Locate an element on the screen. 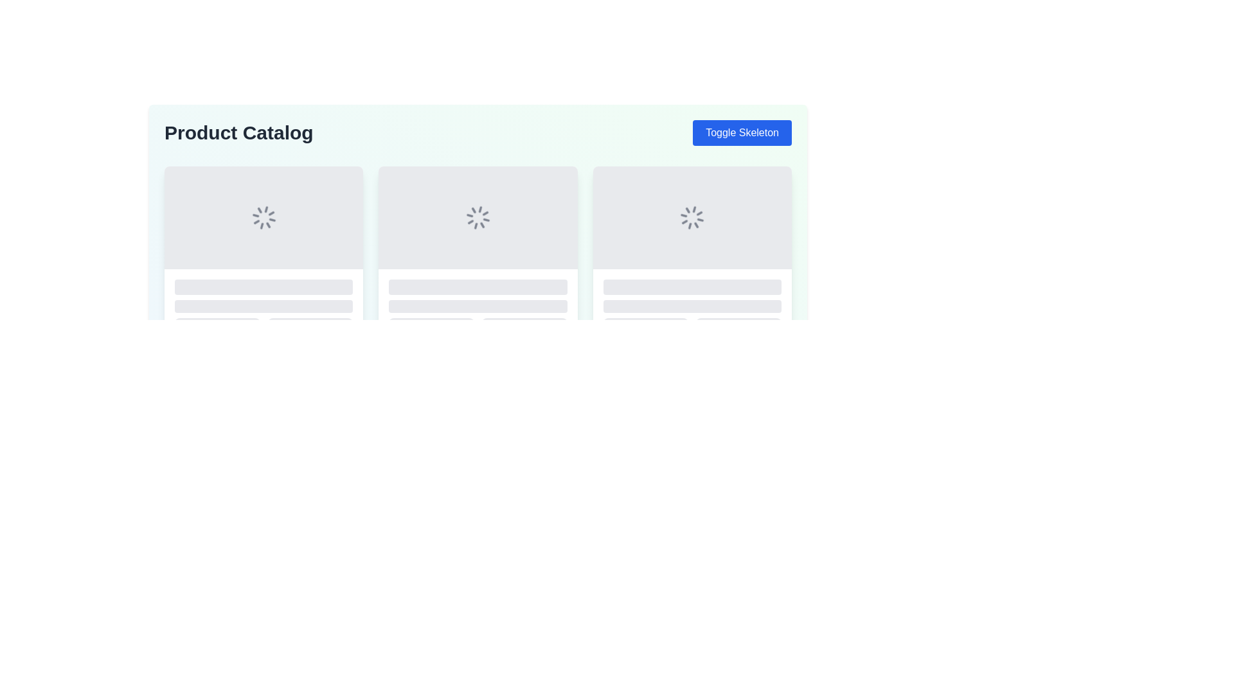 The image size is (1234, 694). the rectangular button labeled 'Toggle Skeleton' with a blue background to observe visual feedback is located at coordinates (742, 133).